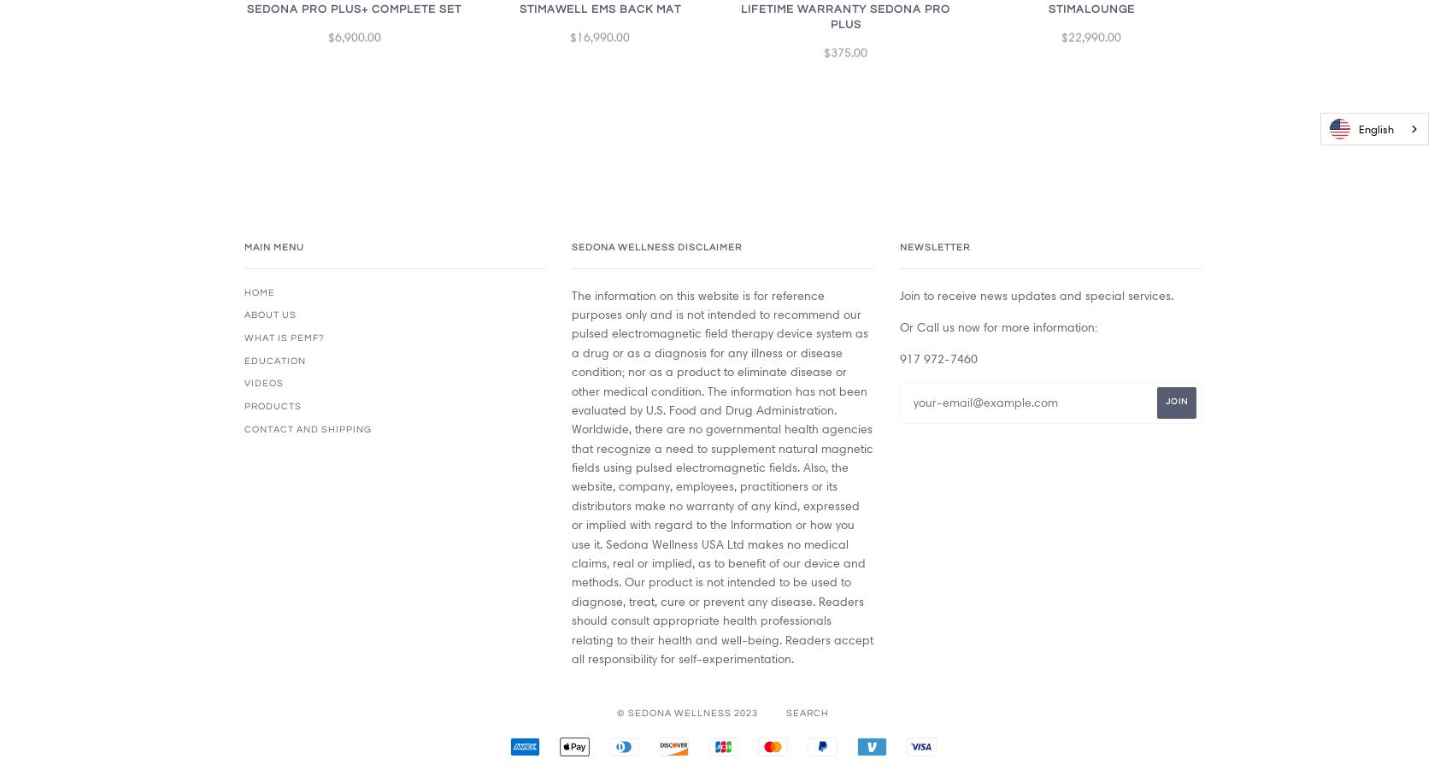  What do you see at coordinates (599, 9) in the screenshot?
I see `'StimaWell EMS Back Mat'` at bounding box center [599, 9].